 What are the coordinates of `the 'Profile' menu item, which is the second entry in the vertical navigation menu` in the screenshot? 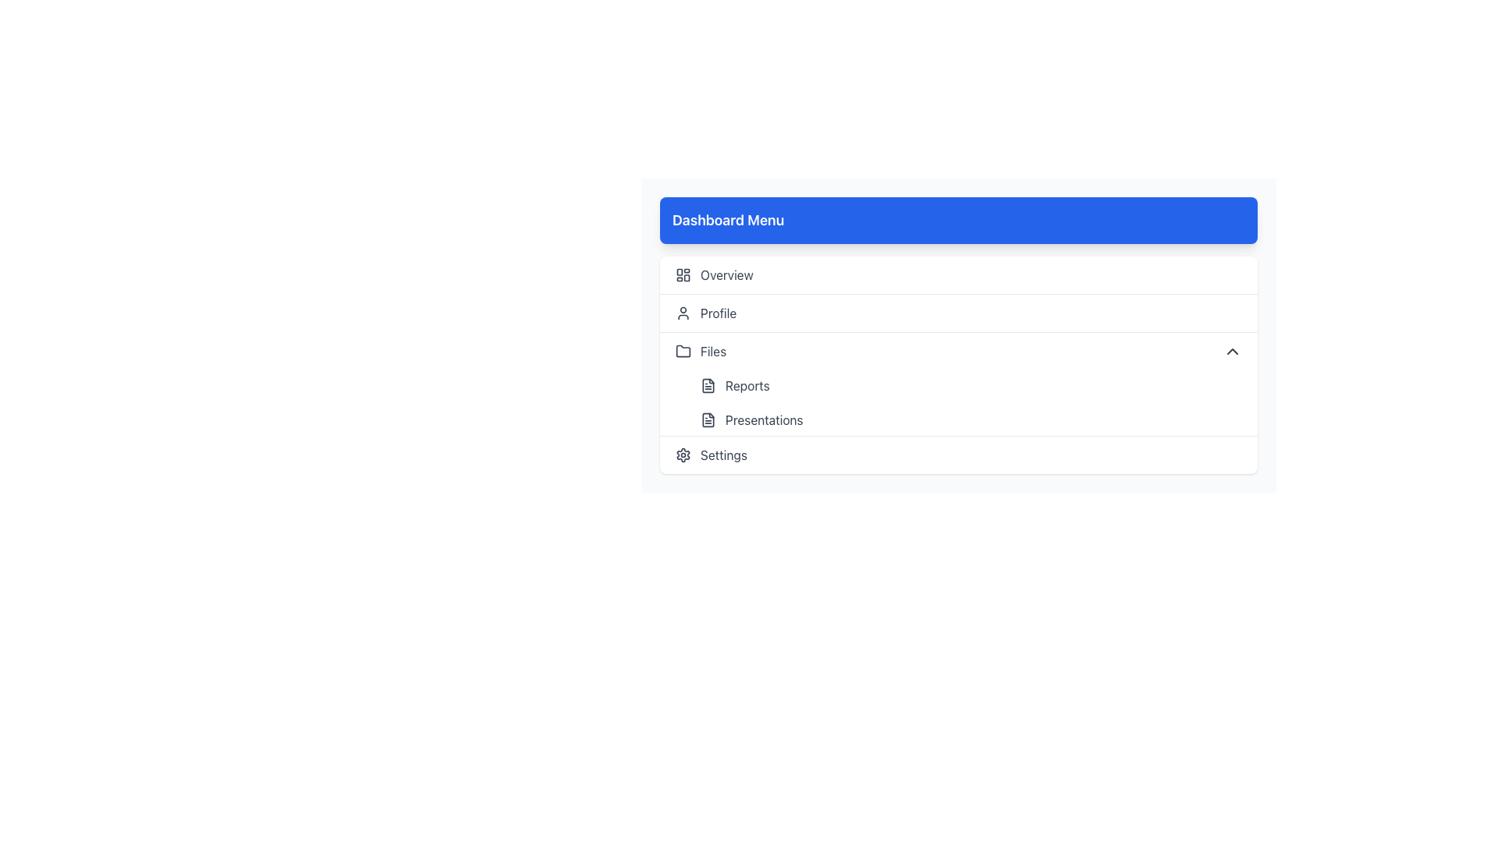 It's located at (957, 313).